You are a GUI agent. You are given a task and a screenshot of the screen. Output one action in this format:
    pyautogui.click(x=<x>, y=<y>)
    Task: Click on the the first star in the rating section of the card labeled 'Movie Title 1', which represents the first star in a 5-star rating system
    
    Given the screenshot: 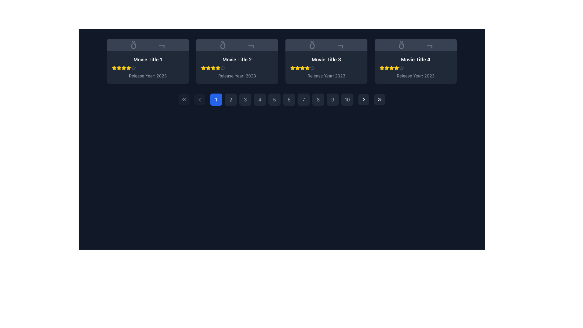 What is the action you would take?
    pyautogui.click(x=114, y=68)
    